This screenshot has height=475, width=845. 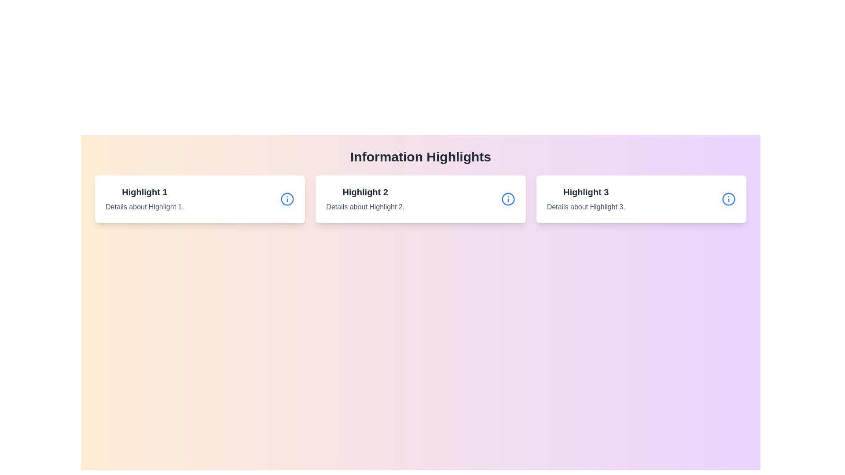 What do you see at coordinates (365, 207) in the screenshot?
I see `details displayed in the text element located beneath the heading 'Highlight 2' in the central card of the row of summary cards` at bounding box center [365, 207].